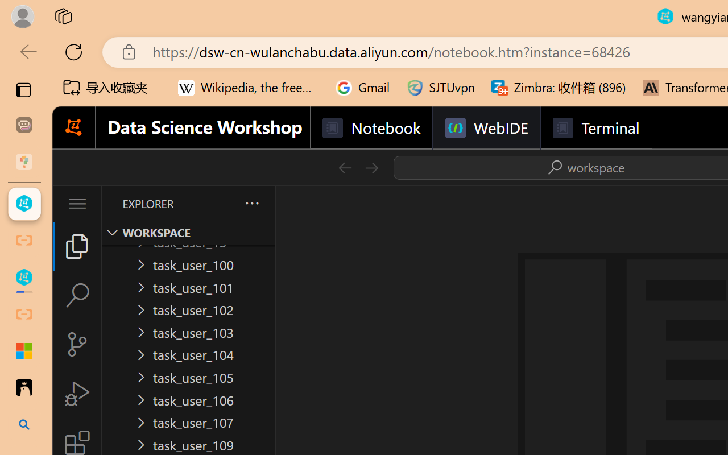  Describe the element at coordinates (371, 167) in the screenshot. I see `'Go Forward (Alt+RightArrow)'` at that location.